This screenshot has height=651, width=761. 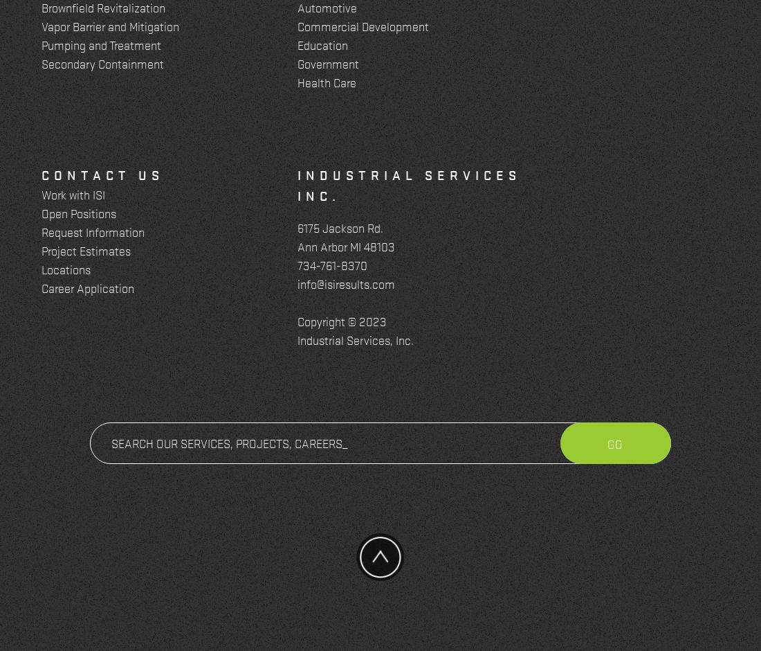 What do you see at coordinates (40, 175) in the screenshot?
I see `'Contact Us'` at bounding box center [40, 175].